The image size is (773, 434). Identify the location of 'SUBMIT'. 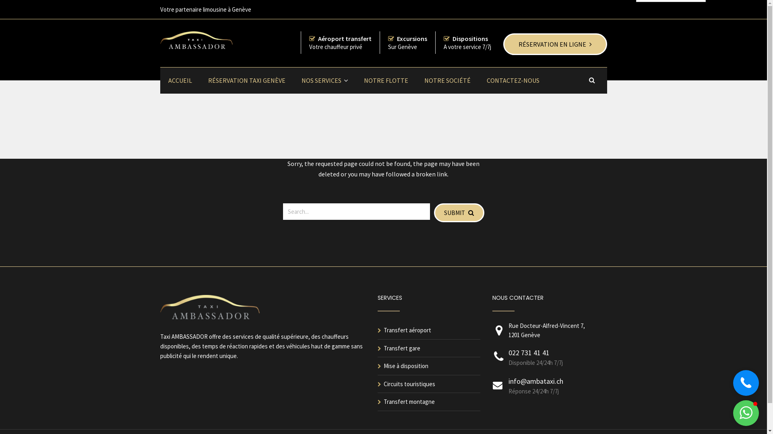
(434, 212).